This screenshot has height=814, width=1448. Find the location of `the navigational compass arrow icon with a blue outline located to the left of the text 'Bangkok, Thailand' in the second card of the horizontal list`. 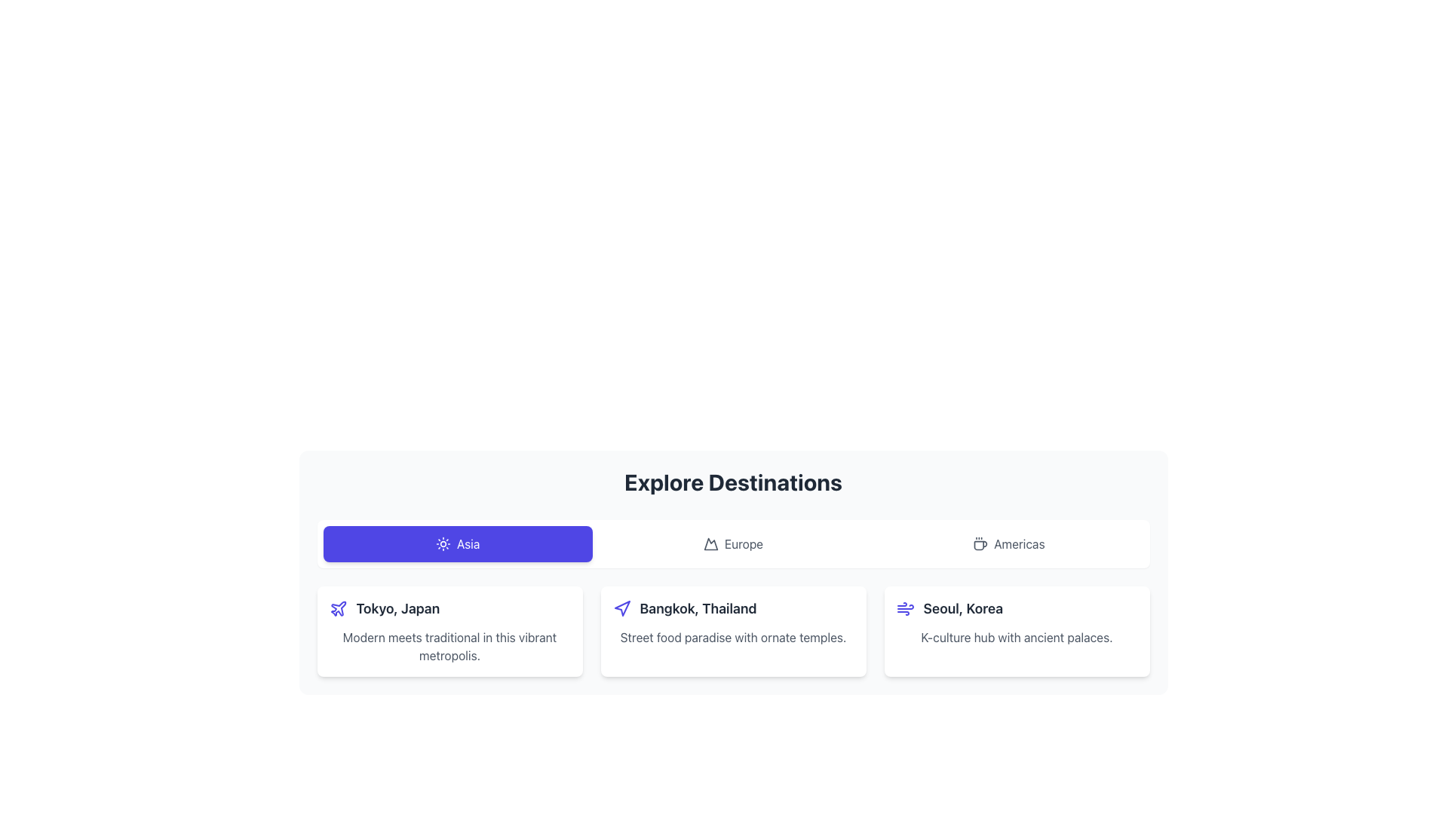

the navigational compass arrow icon with a blue outline located to the left of the text 'Bangkok, Thailand' in the second card of the horizontal list is located at coordinates (621, 607).